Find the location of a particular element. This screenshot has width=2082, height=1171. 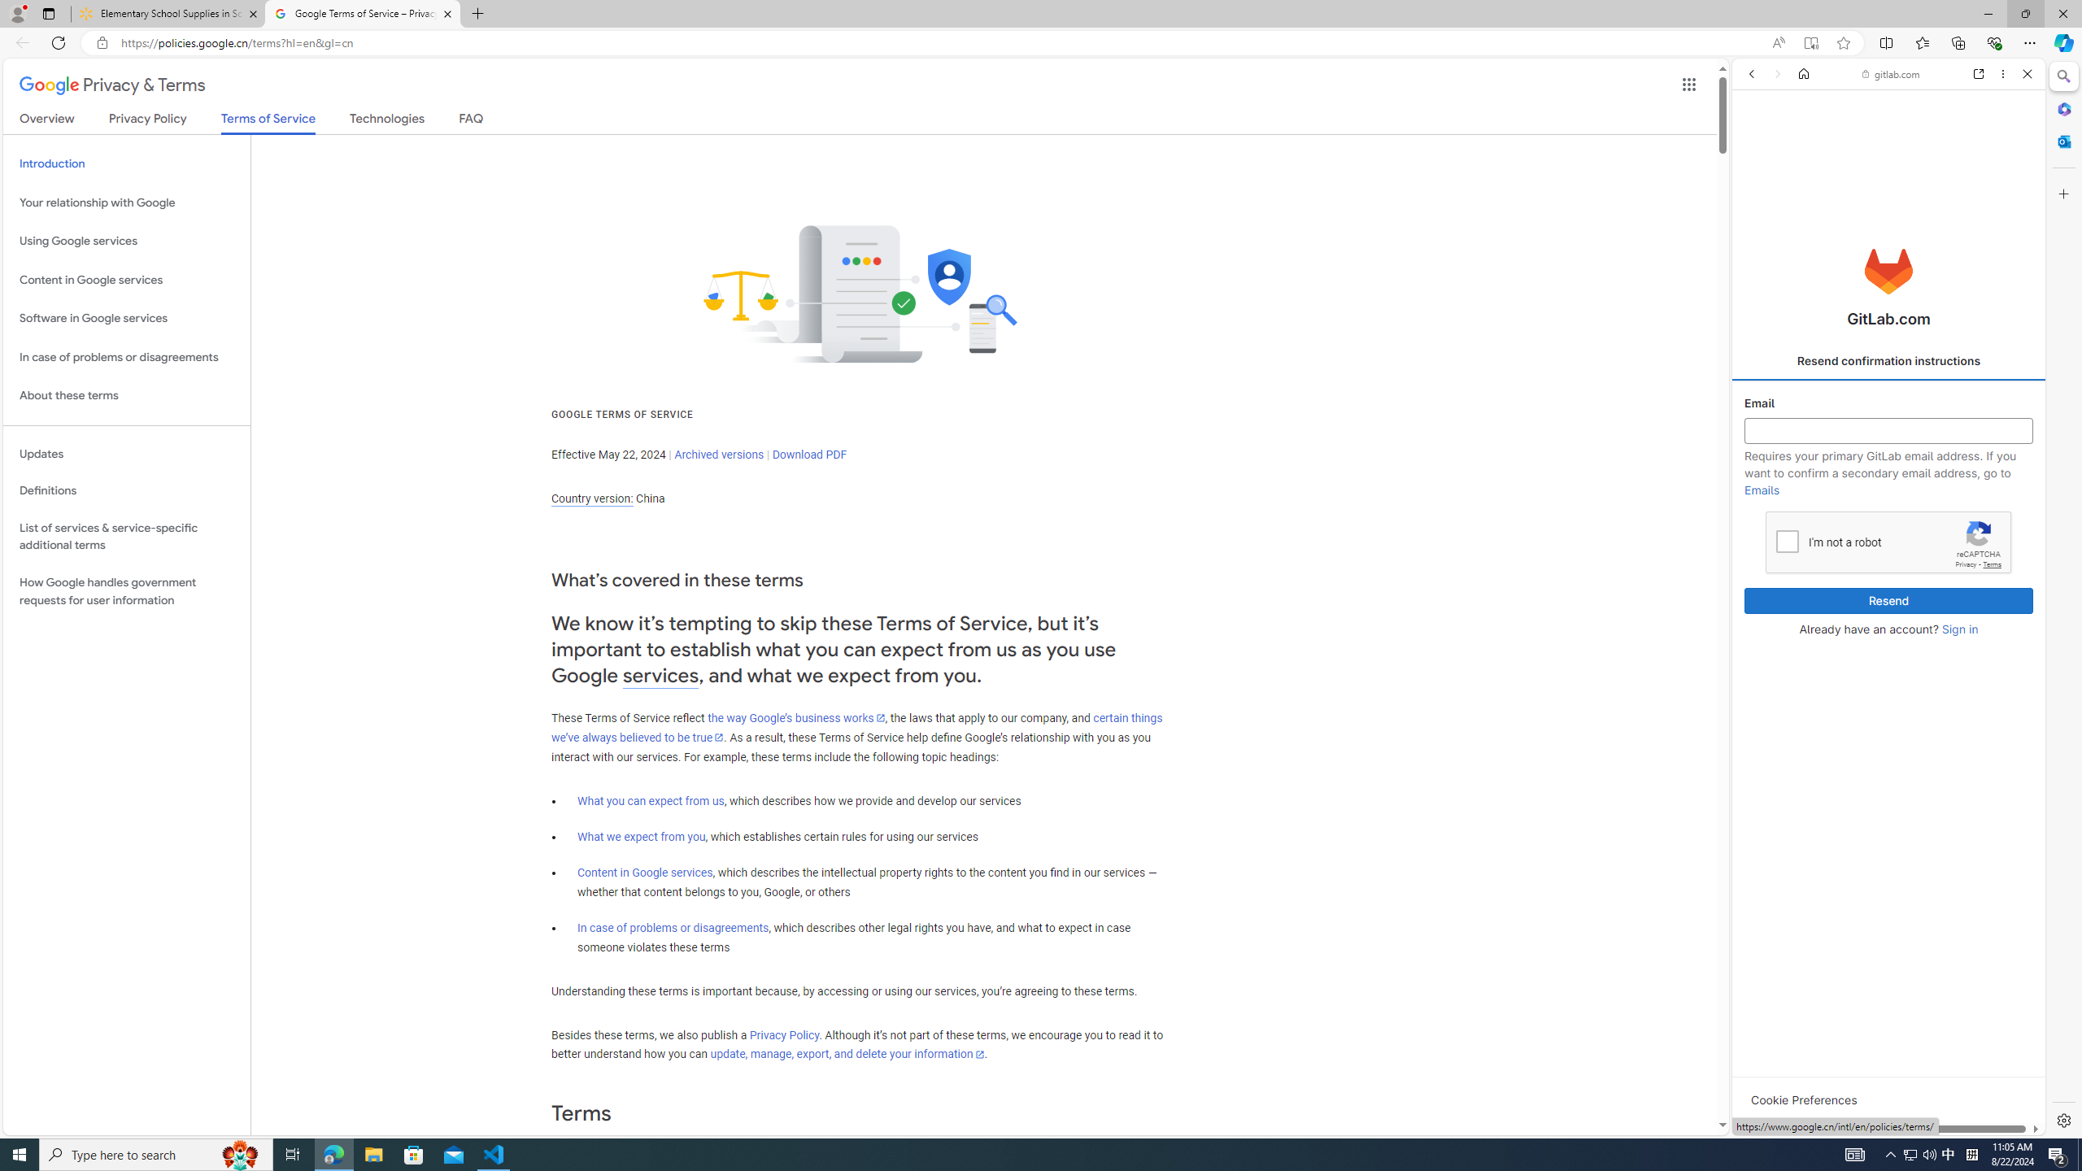

'Terms' is located at coordinates (1992, 564).